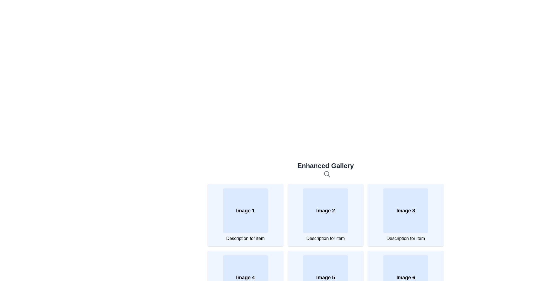 The width and height of the screenshot is (535, 301). Describe the element at coordinates (326, 173) in the screenshot. I see `the decorative lens component of the magnifying glass icon, located at the top-right section of the interface, slightly below the text 'Enhanced Gallery'` at that location.